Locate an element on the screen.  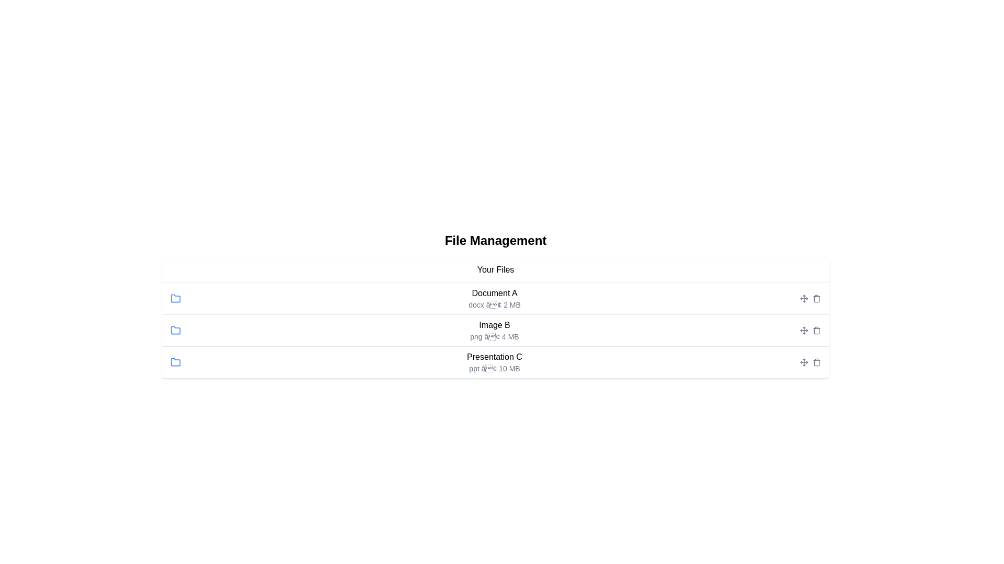
the Text Label element that serves as the title for a file entry, located in the second row between 'Document A' and 'Presentation C' is located at coordinates (494, 325).